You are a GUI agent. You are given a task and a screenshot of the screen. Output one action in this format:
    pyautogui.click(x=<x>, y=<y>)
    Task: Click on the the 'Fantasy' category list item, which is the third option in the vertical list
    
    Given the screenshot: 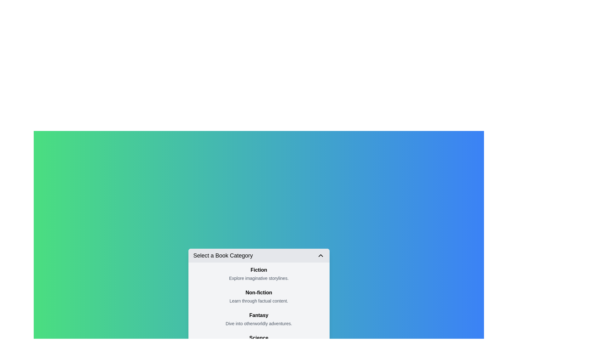 What is the action you would take?
    pyautogui.click(x=259, y=319)
    